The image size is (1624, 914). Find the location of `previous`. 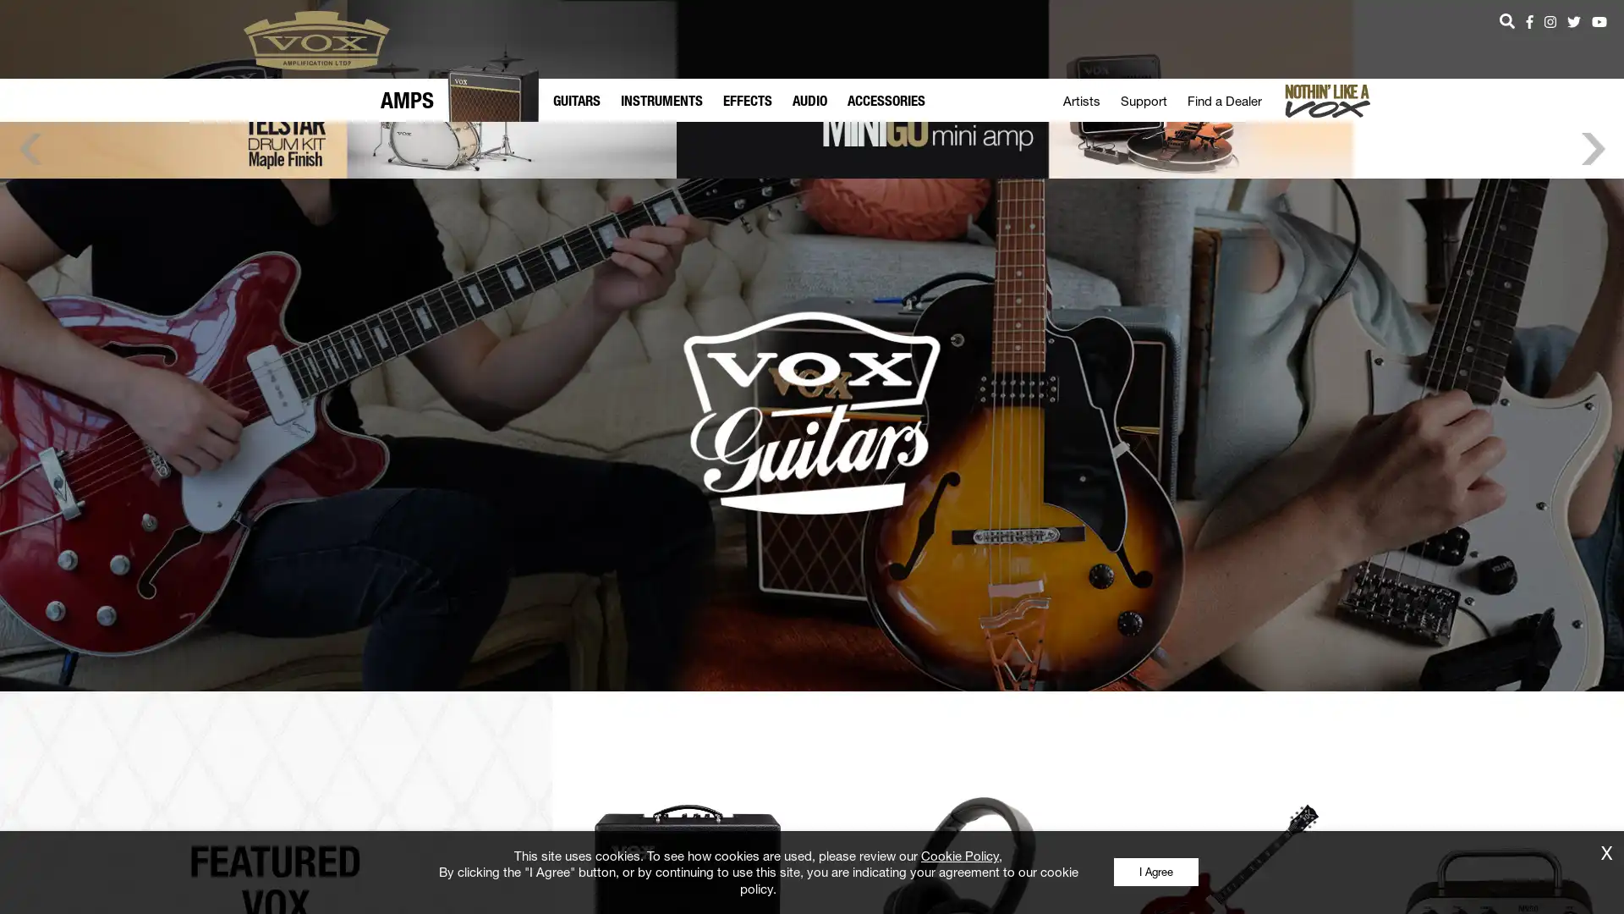

previous is located at coordinates (30, 273).